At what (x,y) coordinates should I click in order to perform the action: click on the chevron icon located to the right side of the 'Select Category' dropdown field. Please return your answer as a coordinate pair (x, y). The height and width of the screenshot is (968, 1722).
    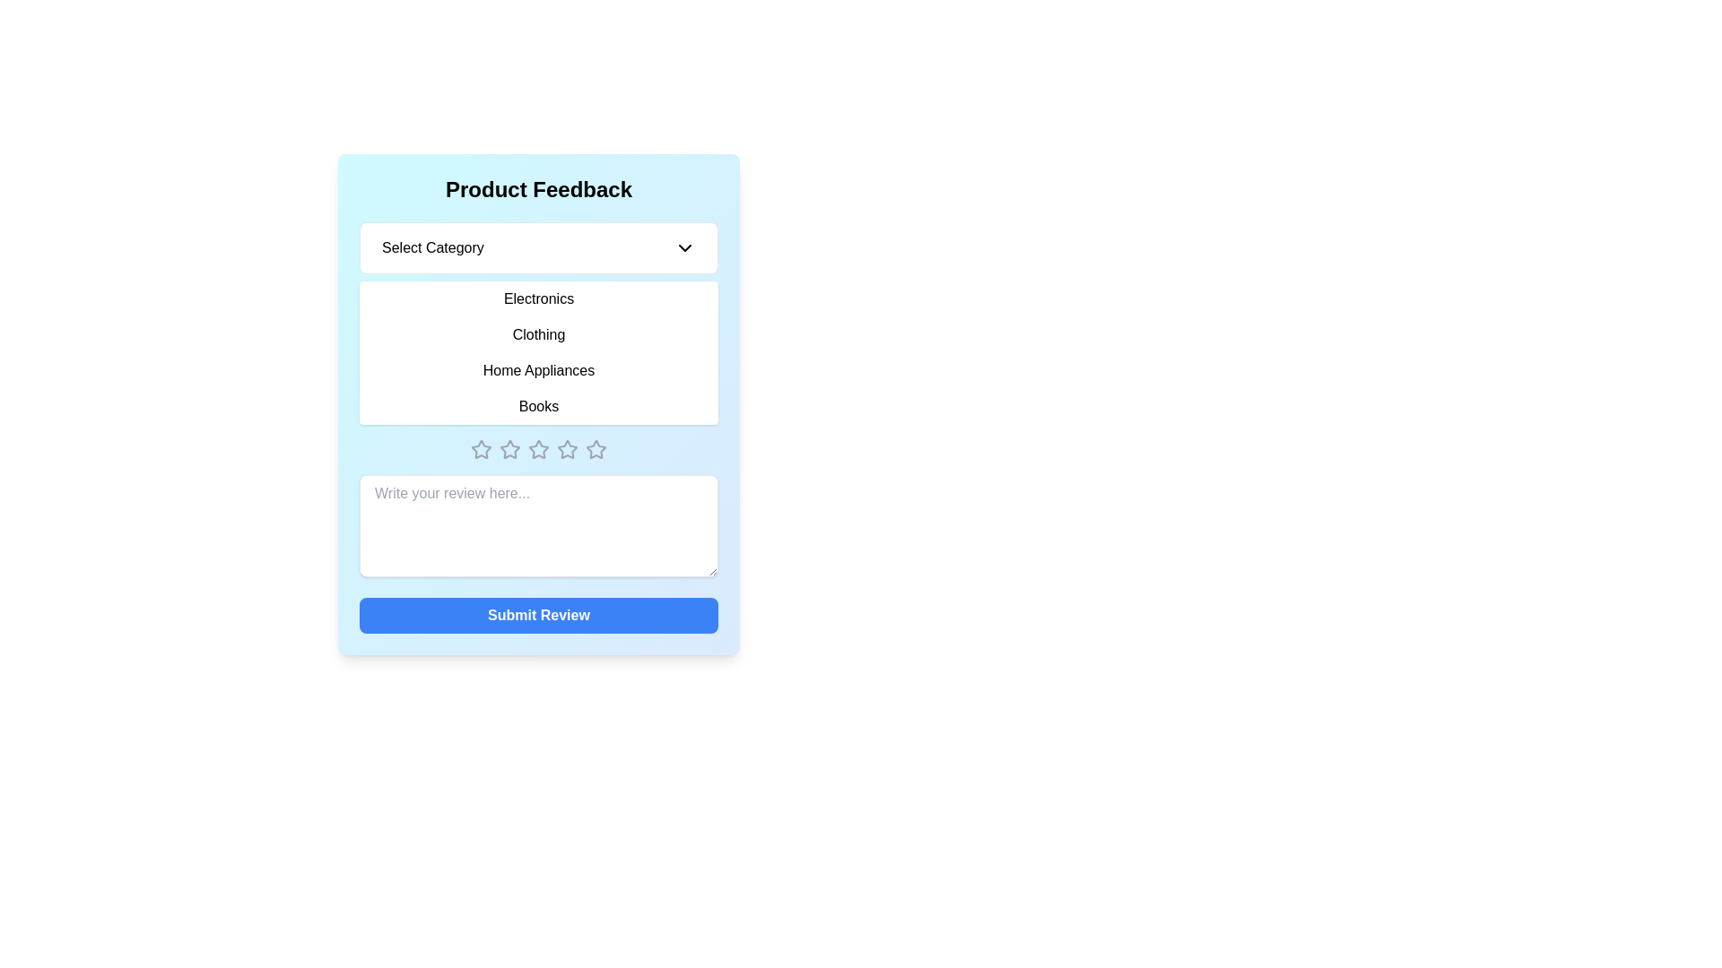
    Looking at the image, I should click on (683, 248).